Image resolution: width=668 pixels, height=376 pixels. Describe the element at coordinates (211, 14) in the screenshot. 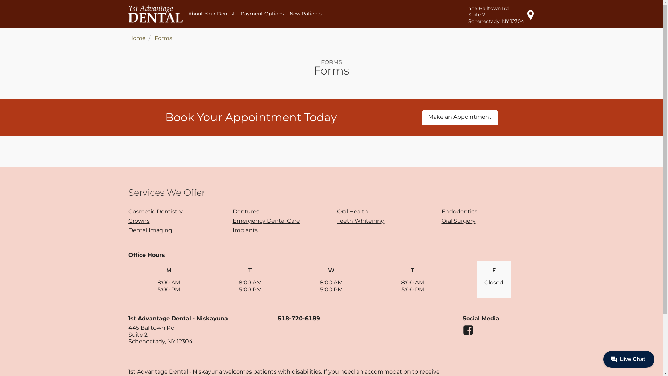

I see `'About Your Dentist'` at that location.